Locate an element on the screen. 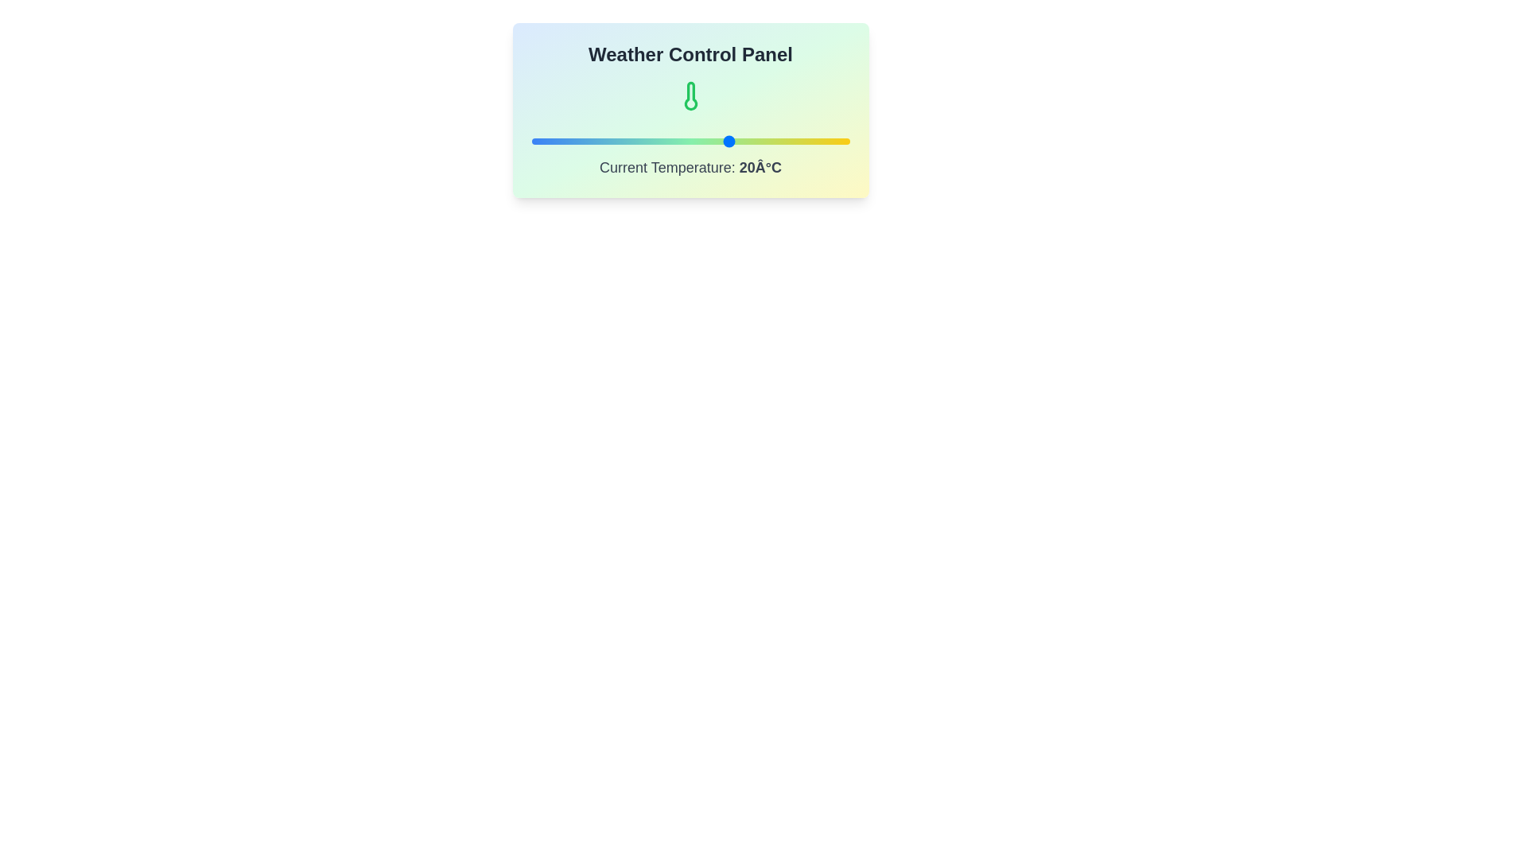  the temperature slider to -6°C to observe the icon change is located at coordinates (626, 140).